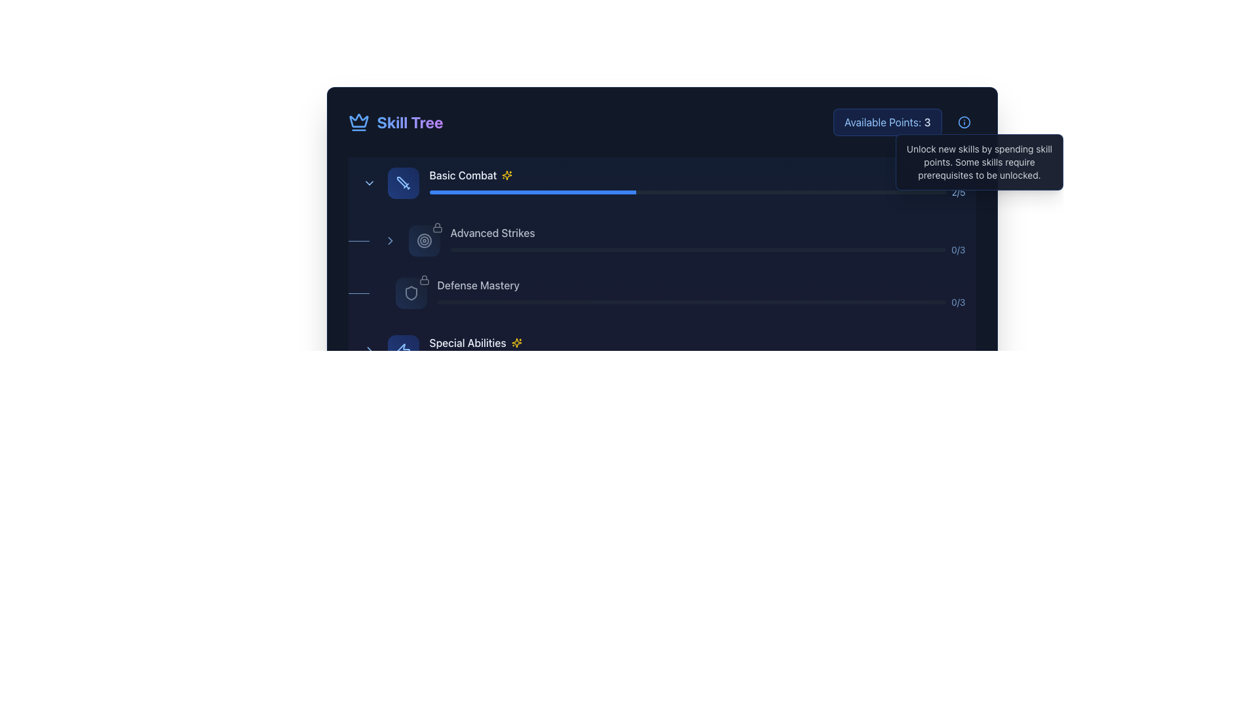 Image resolution: width=1258 pixels, height=707 pixels. What do you see at coordinates (368, 350) in the screenshot?
I see `the rightward-facing chevron icon in the 'Special Abilities' section` at bounding box center [368, 350].